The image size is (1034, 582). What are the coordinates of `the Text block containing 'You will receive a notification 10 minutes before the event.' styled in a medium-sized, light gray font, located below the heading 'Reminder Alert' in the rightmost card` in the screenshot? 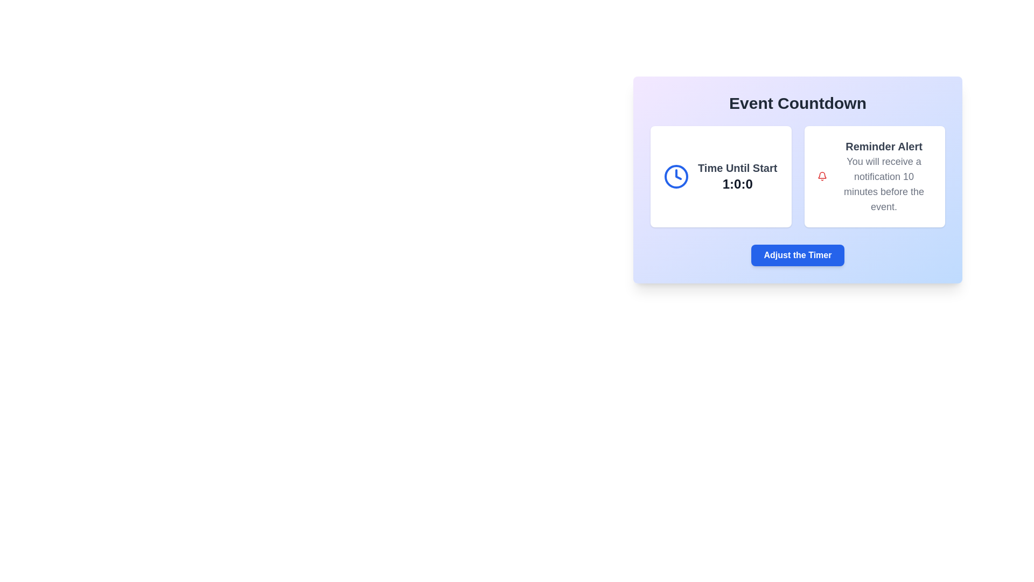 It's located at (884, 184).